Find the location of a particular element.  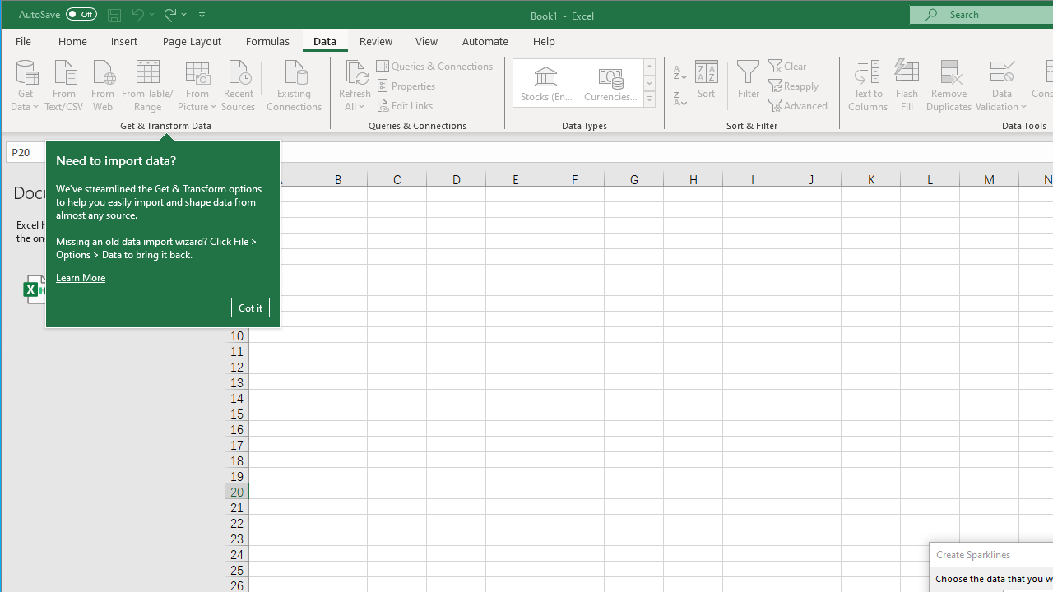

'Redo' is located at coordinates (174, 14).